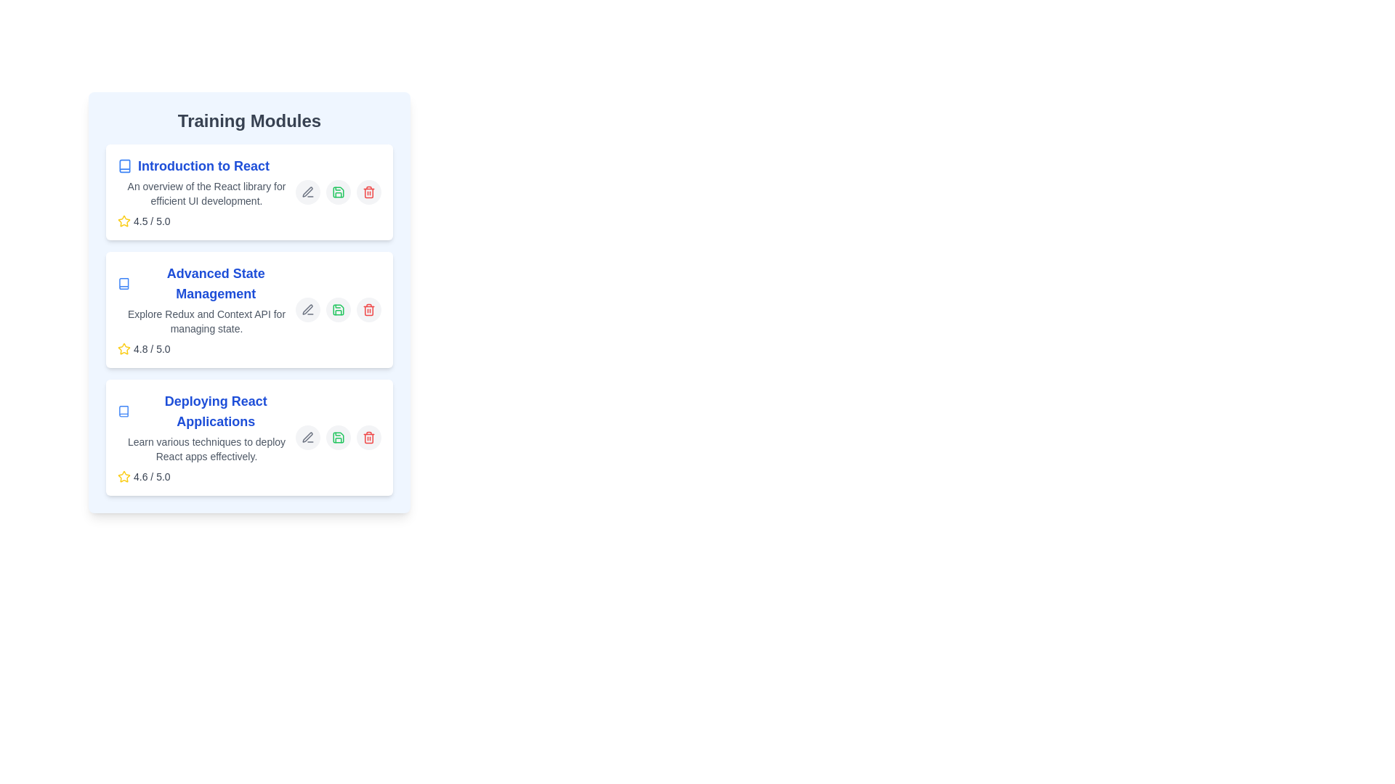  What do you see at coordinates (307, 192) in the screenshot?
I see `the pen-shaped edit icon located in the action icons for the 'Introduction to React' training module` at bounding box center [307, 192].